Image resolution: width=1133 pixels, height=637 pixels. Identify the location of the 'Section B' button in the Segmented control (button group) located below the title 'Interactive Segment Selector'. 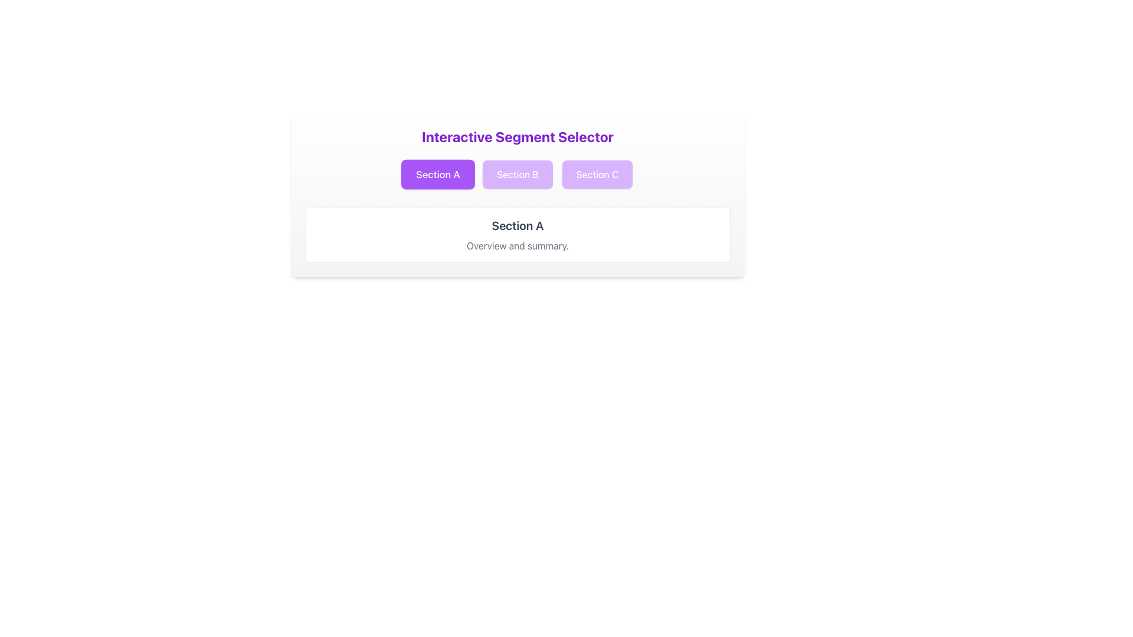
(518, 175).